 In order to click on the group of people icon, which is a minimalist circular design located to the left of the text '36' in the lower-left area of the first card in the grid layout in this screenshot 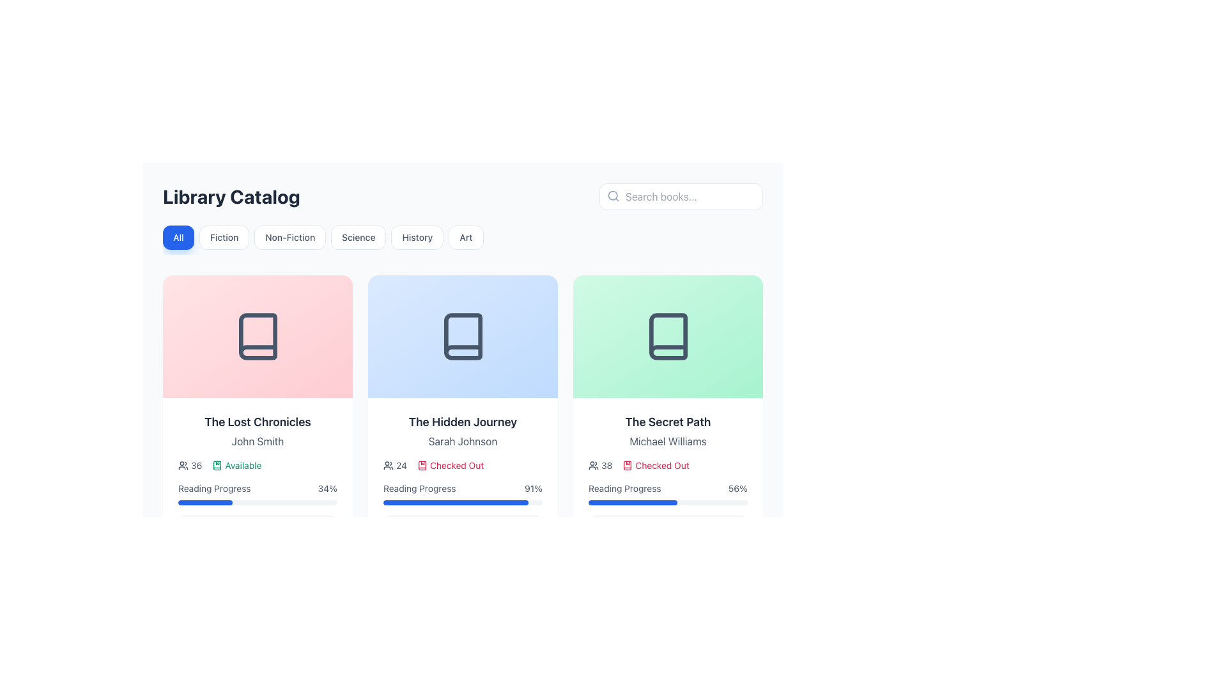, I will do `click(183, 466)`.